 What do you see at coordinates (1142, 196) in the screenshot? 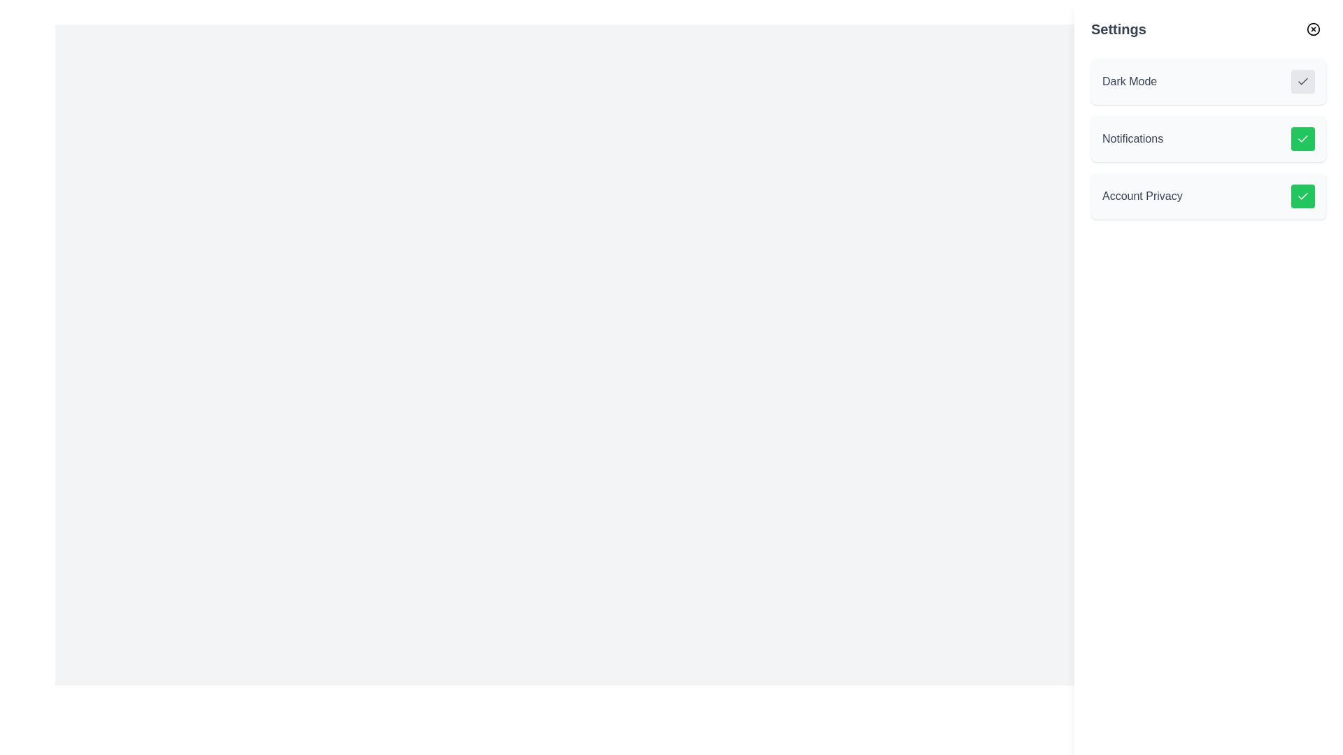
I see `the 'Account Privacy' text label located in the bottom section of the Settings panel, which indicates the purpose of the setting it is paired with` at bounding box center [1142, 196].